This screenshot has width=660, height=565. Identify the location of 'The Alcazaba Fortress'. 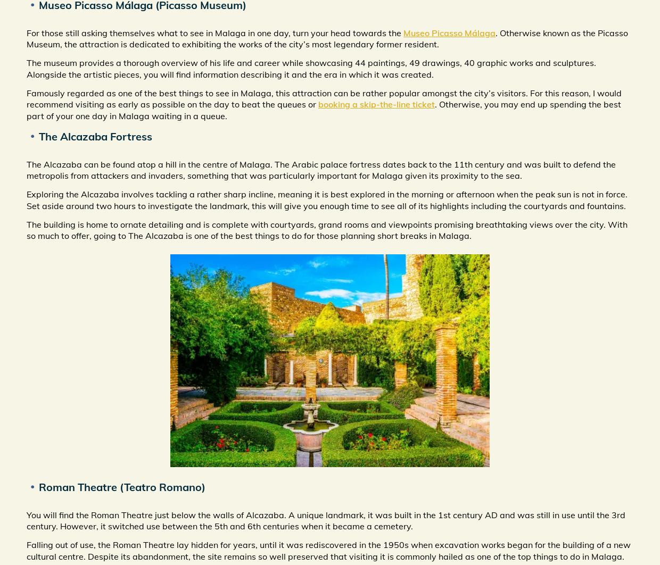
(95, 136).